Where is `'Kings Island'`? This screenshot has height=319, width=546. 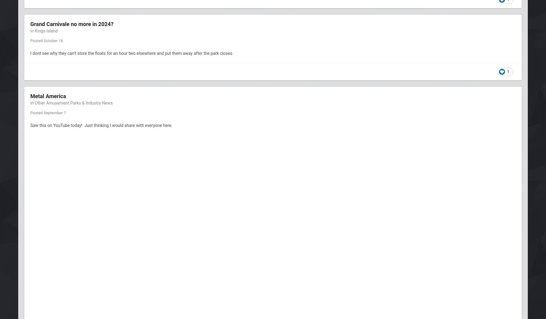
'Kings Island' is located at coordinates (46, 31).